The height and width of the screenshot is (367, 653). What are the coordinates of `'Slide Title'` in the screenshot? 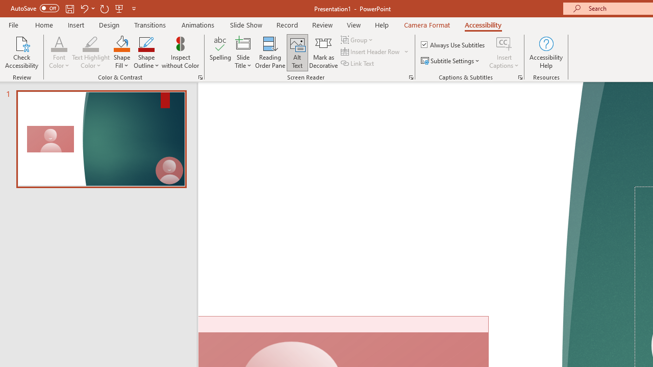 It's located at (242, 53).